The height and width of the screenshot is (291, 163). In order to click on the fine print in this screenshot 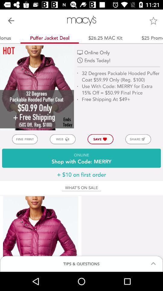, I will do `click(24, 139)`.